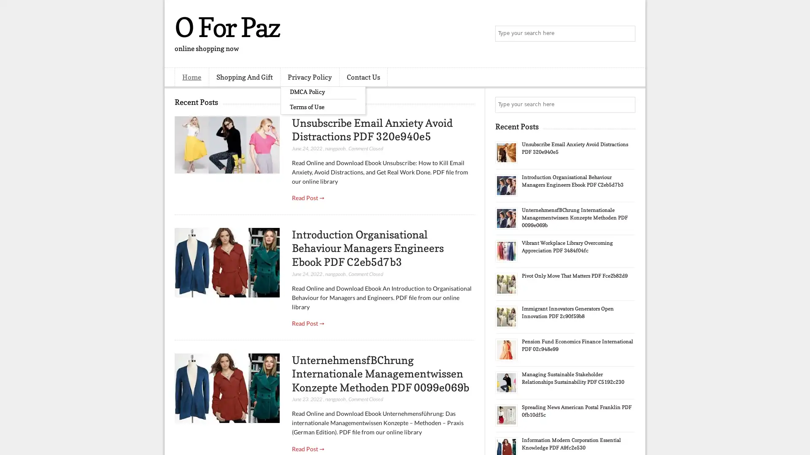  What do you see at coordinates (626, 34) in the screenshot?
I see `Search` at bounding box center [626, 34].